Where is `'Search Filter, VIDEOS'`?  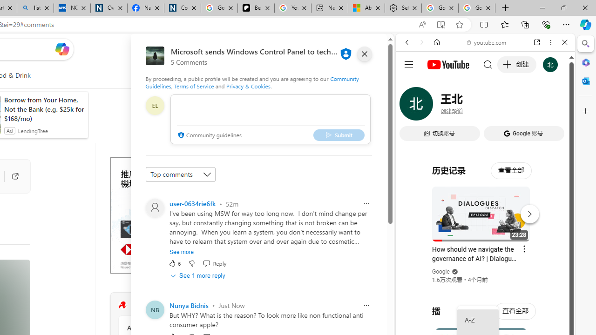 'Search Filter, VIDEOS' is located at coordinates (468, 106).